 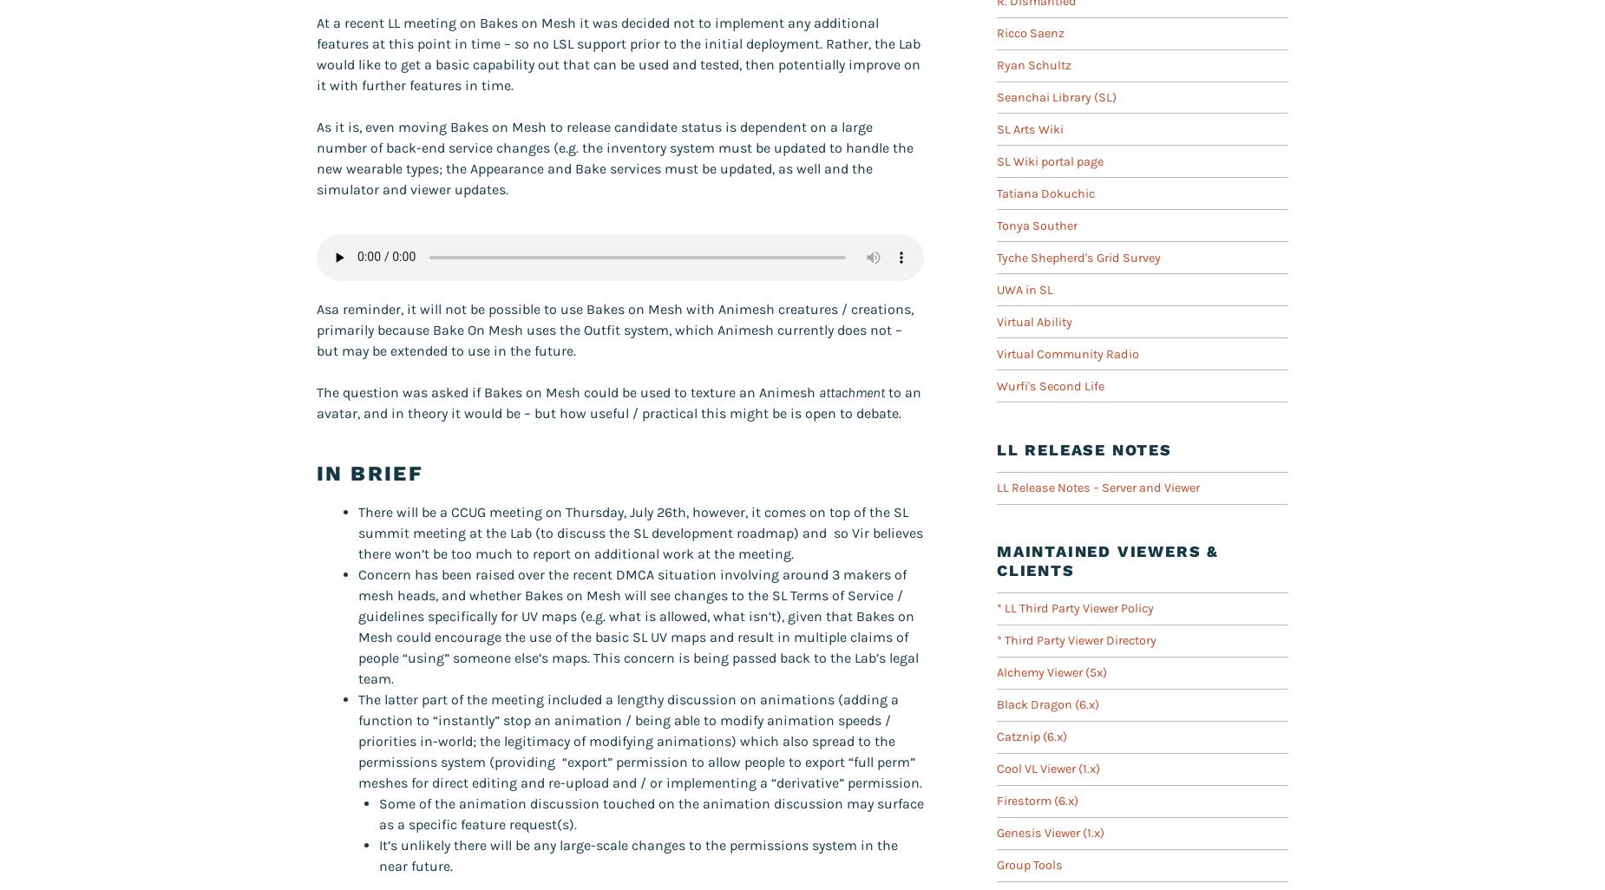 What do you see at coordinates (1097, 487) in the screenshot?
I see `'LL Release Notes – Server and Viewer'` at bounding box center [1097, 487].